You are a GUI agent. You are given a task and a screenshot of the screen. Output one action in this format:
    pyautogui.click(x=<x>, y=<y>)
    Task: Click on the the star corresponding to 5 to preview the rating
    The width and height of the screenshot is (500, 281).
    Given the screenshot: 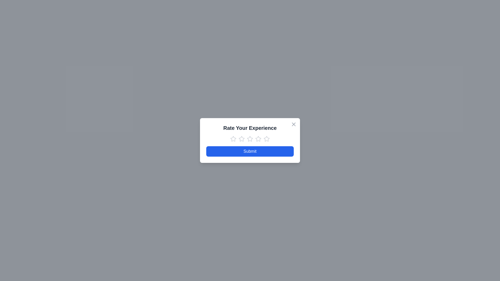 What is the action you would take?
    pyautogui.click(x=266, y=138)
    